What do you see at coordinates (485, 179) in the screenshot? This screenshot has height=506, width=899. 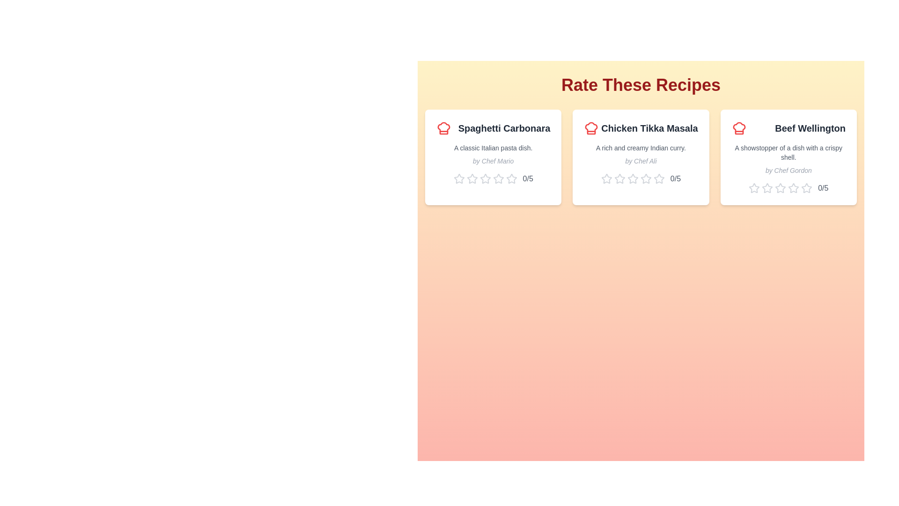 I see `the rating for a recipe to 3 stars` at bounding box center [485, 179].